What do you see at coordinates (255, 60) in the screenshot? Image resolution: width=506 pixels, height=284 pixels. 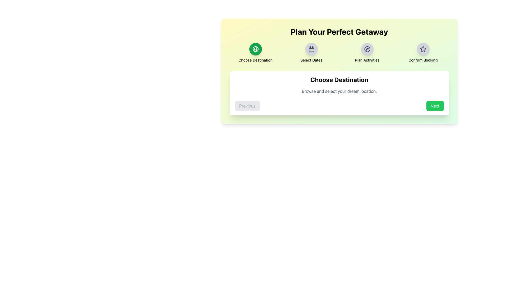 I see `the informational Text Label that guides users to select a destination, located below the green circular globe icon` at bounding box center [255, 60].